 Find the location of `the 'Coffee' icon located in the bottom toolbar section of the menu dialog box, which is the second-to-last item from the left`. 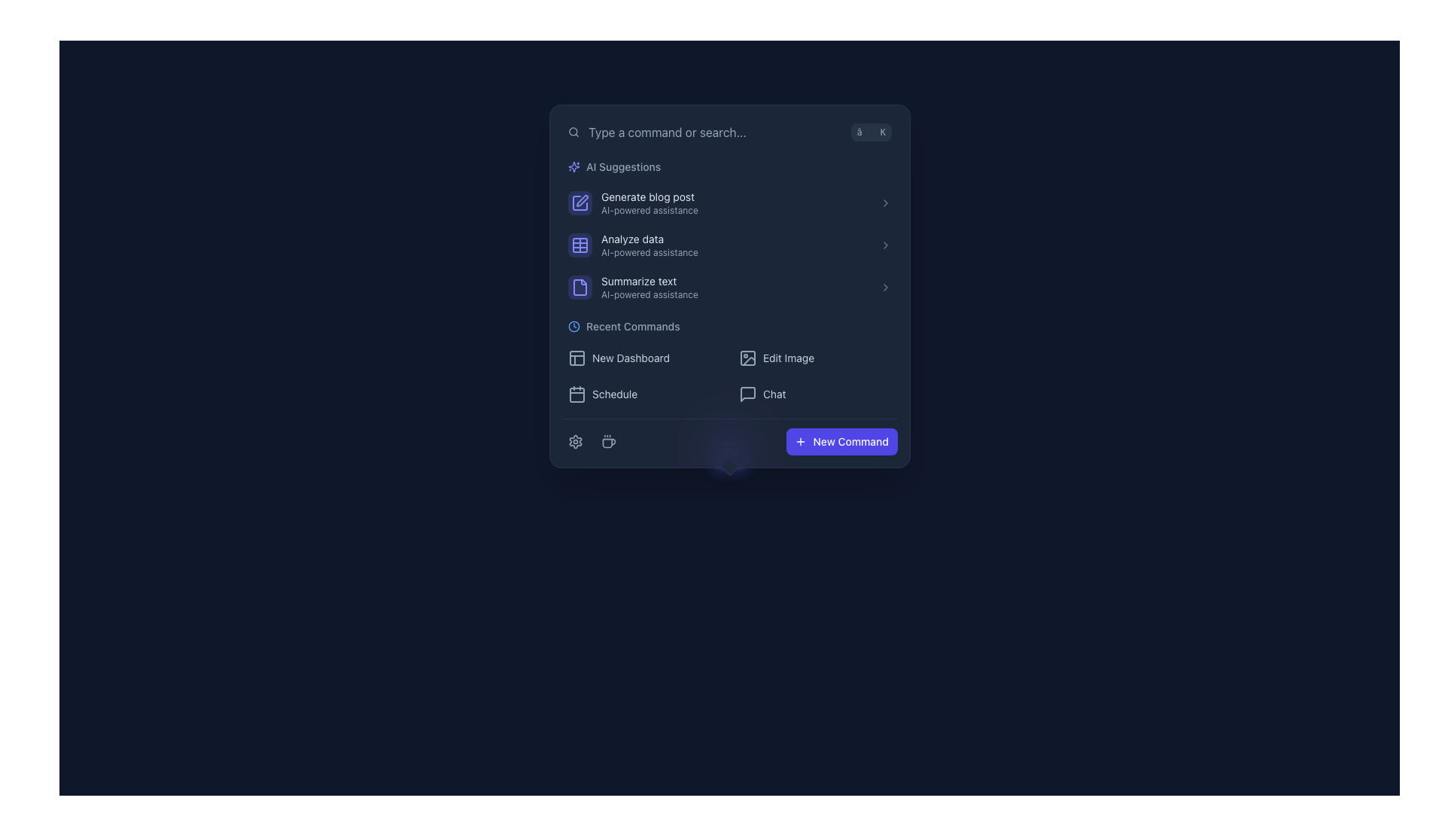

the 'Coffee' icon located in the bottom toolbar section of the menu dialog box, which is the second-to-last item from the left is located at coordinates (608, 440).